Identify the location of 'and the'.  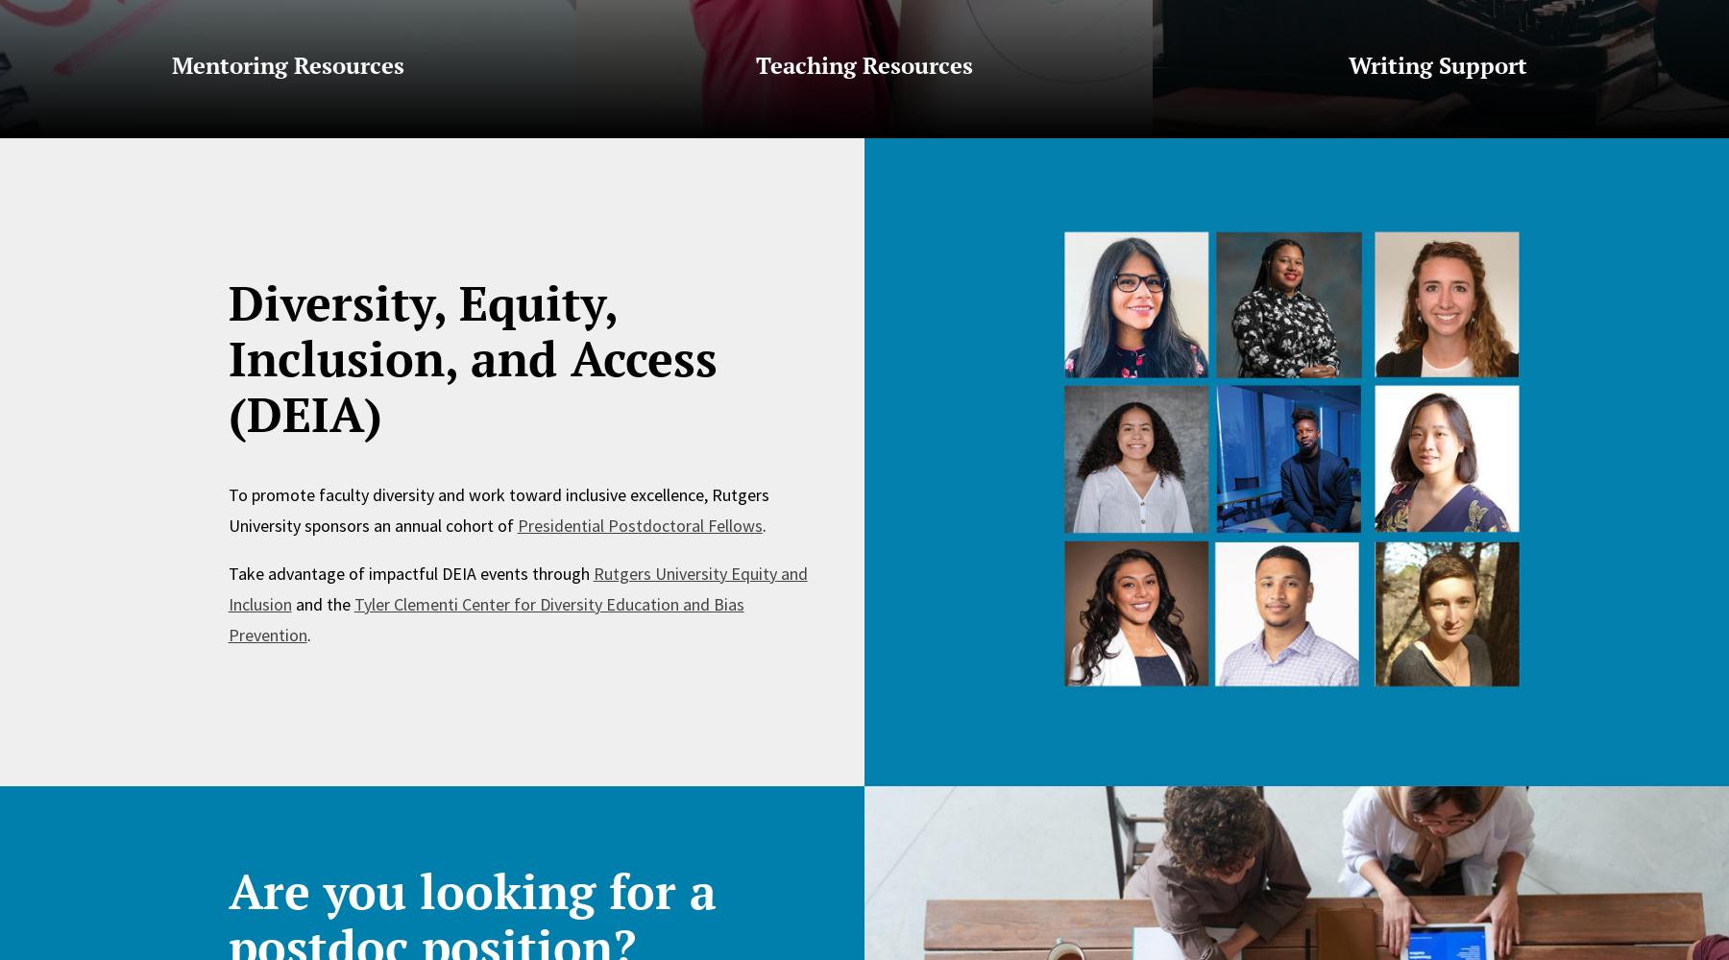
(289, 603).